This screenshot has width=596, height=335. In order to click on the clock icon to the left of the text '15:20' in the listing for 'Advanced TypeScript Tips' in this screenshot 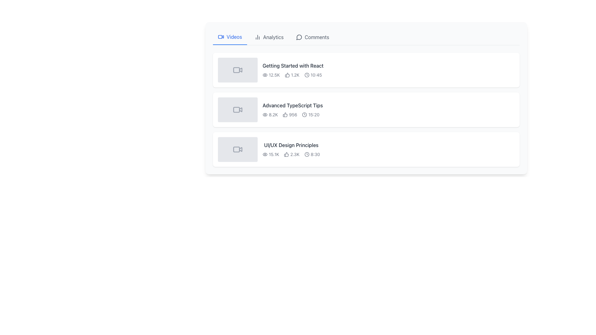, I will do `click(305, 115)`.